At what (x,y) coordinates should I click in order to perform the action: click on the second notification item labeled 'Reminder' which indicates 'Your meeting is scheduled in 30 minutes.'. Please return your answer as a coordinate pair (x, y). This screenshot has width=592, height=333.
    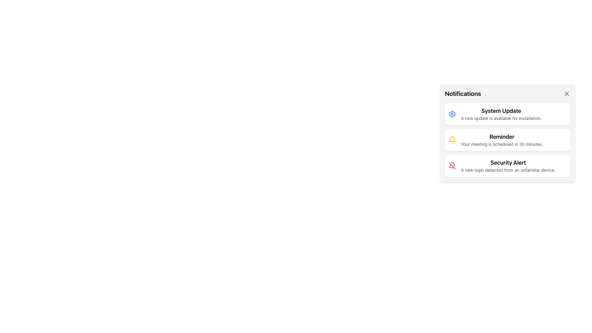
    Looking at the image, I should click on (508, 140).